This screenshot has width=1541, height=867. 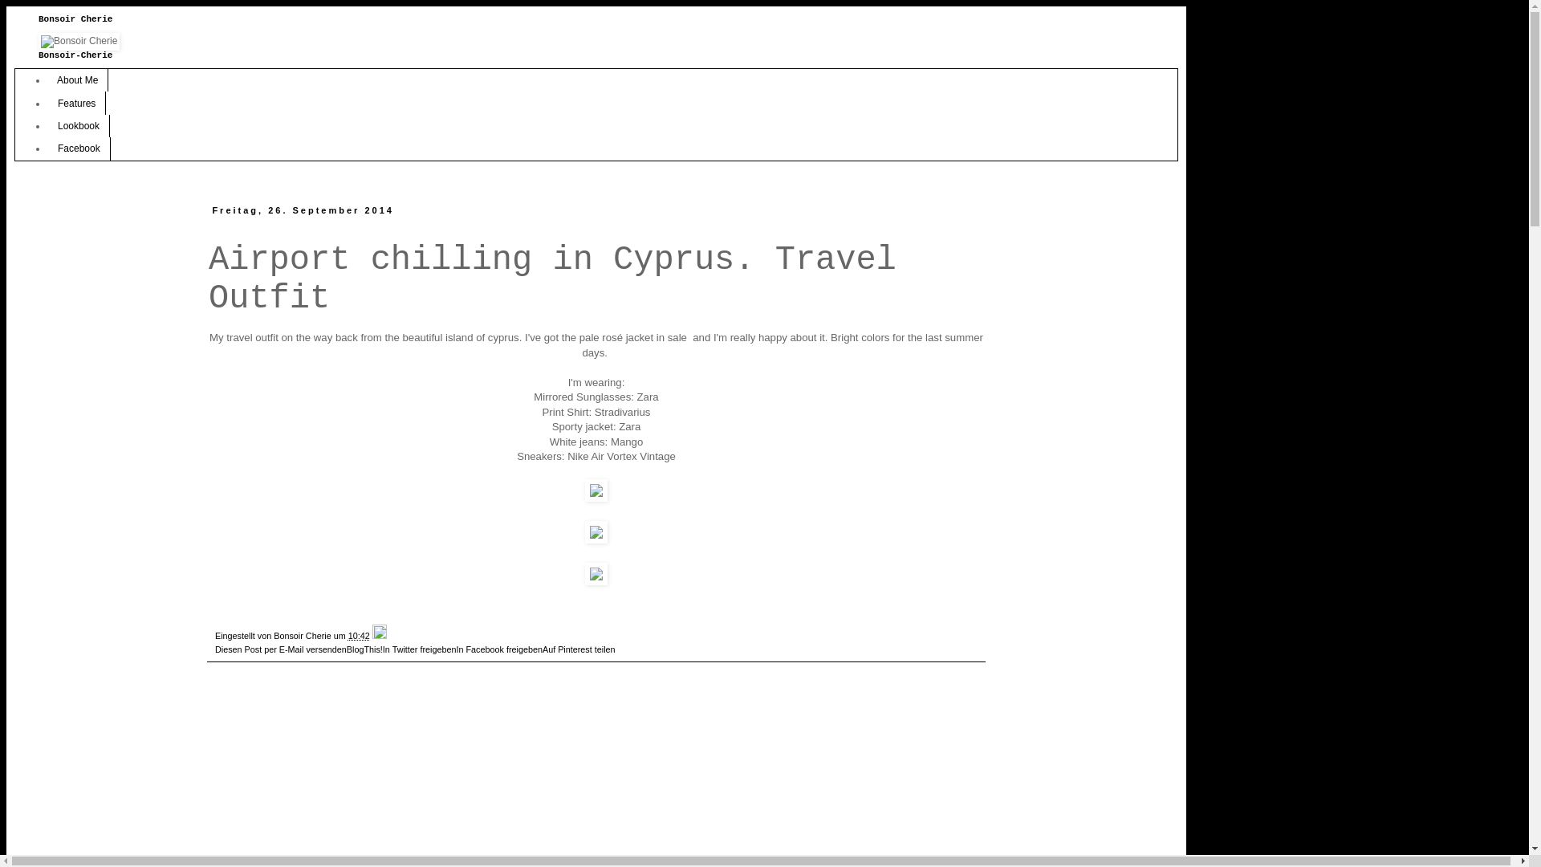 I want to click on 'In Twitter freigeben', so click(x=420, y=649).